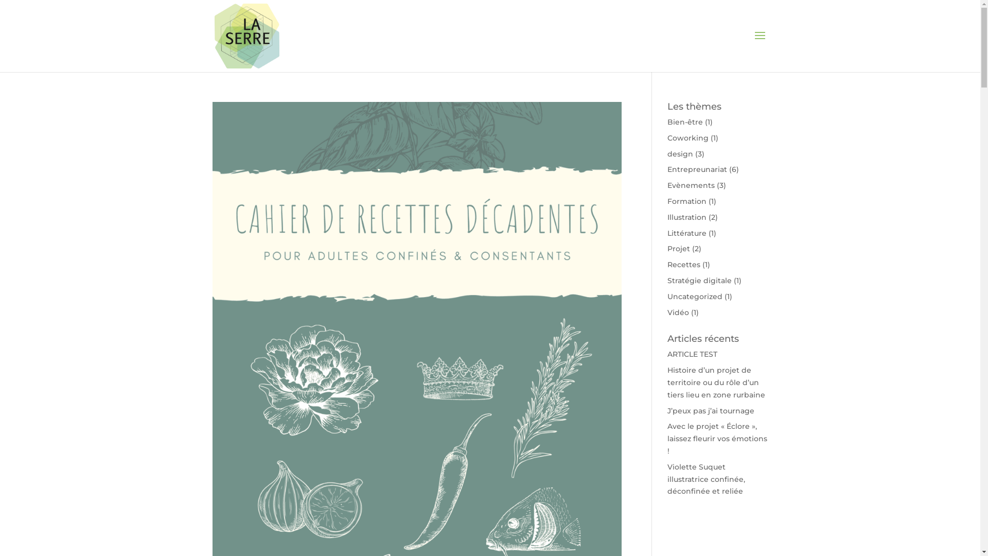 This screenshot has height=556, width=988. I want to click on 'ARTICLE TEST', so click(692, 353).